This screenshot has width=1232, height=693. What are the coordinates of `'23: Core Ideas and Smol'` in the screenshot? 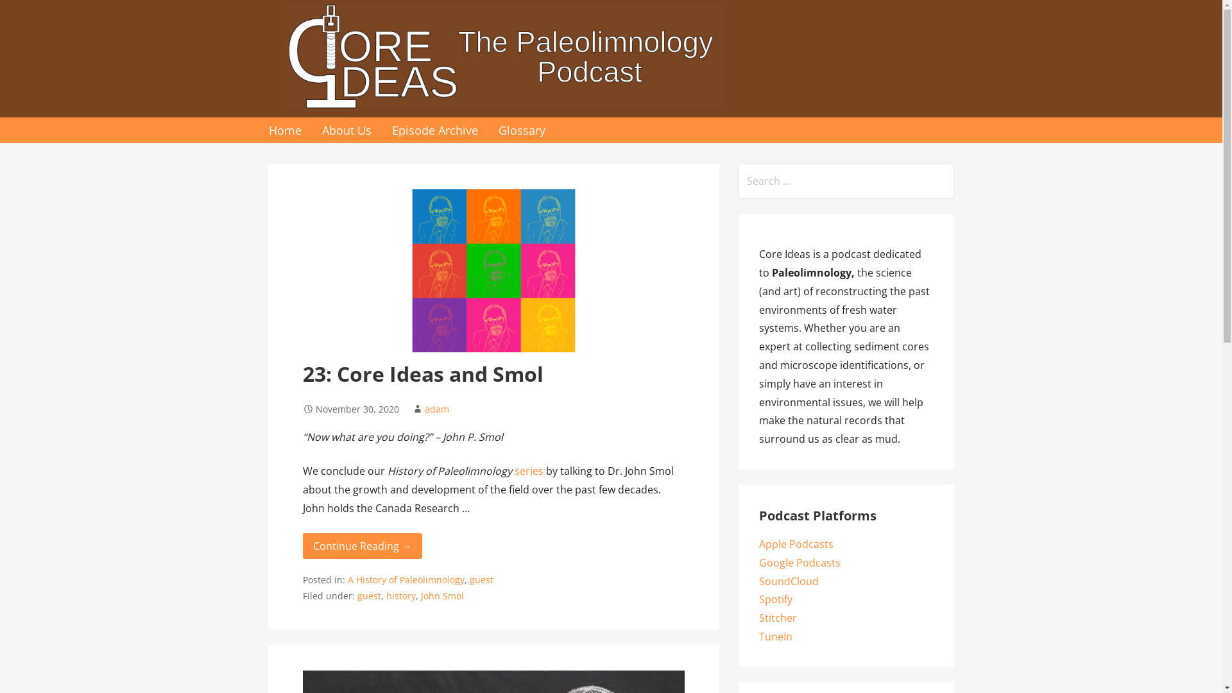 It's located at (423, 373).